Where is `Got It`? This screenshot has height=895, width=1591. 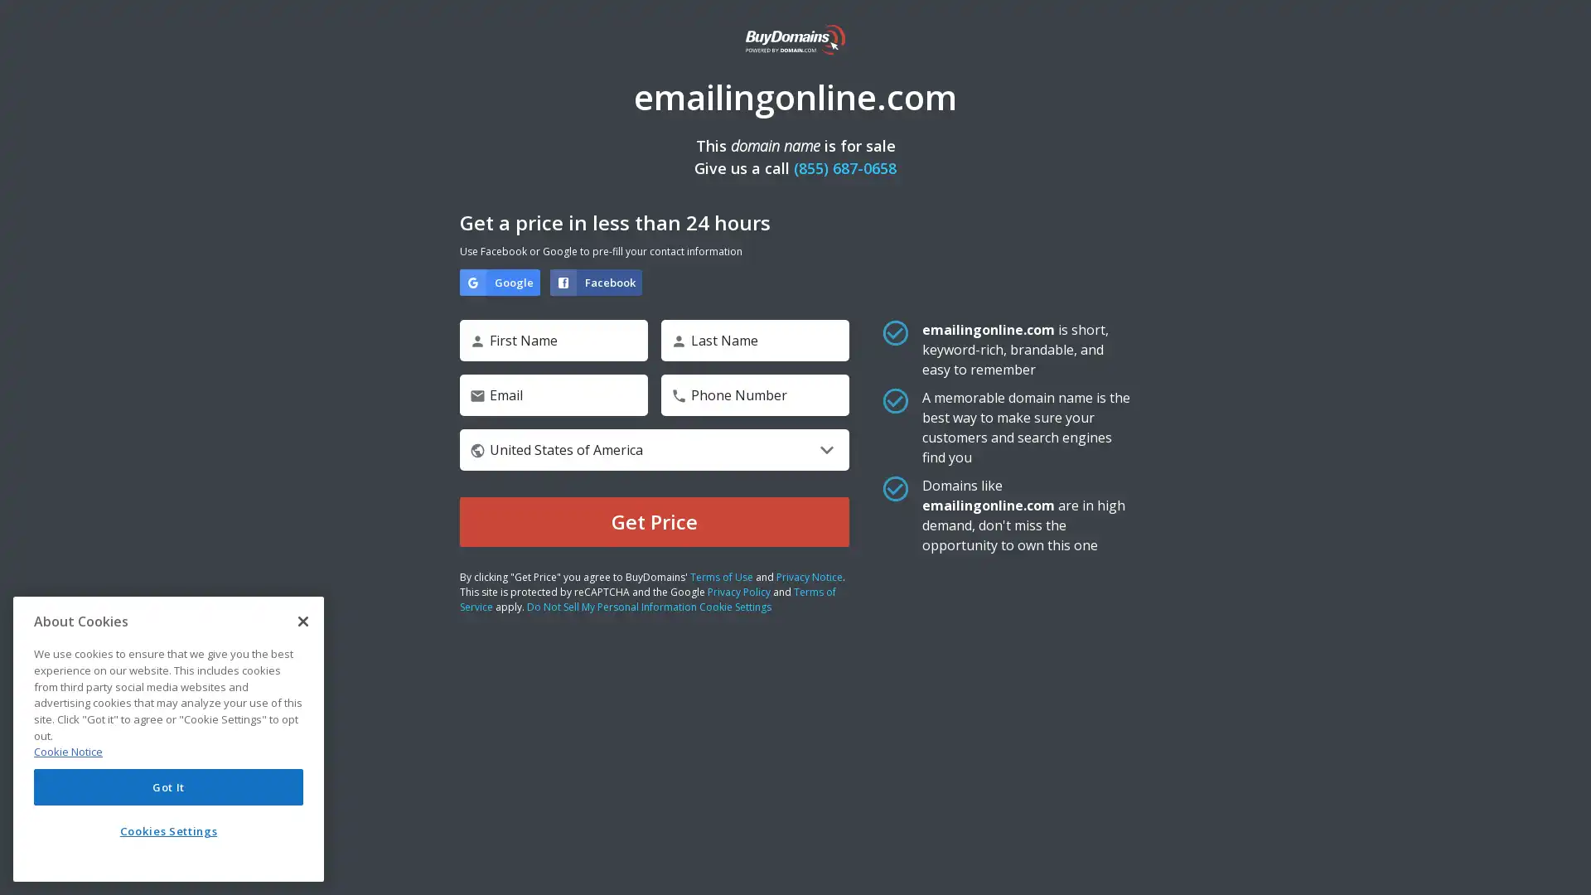
Got It is located at coordinates (168, 786).